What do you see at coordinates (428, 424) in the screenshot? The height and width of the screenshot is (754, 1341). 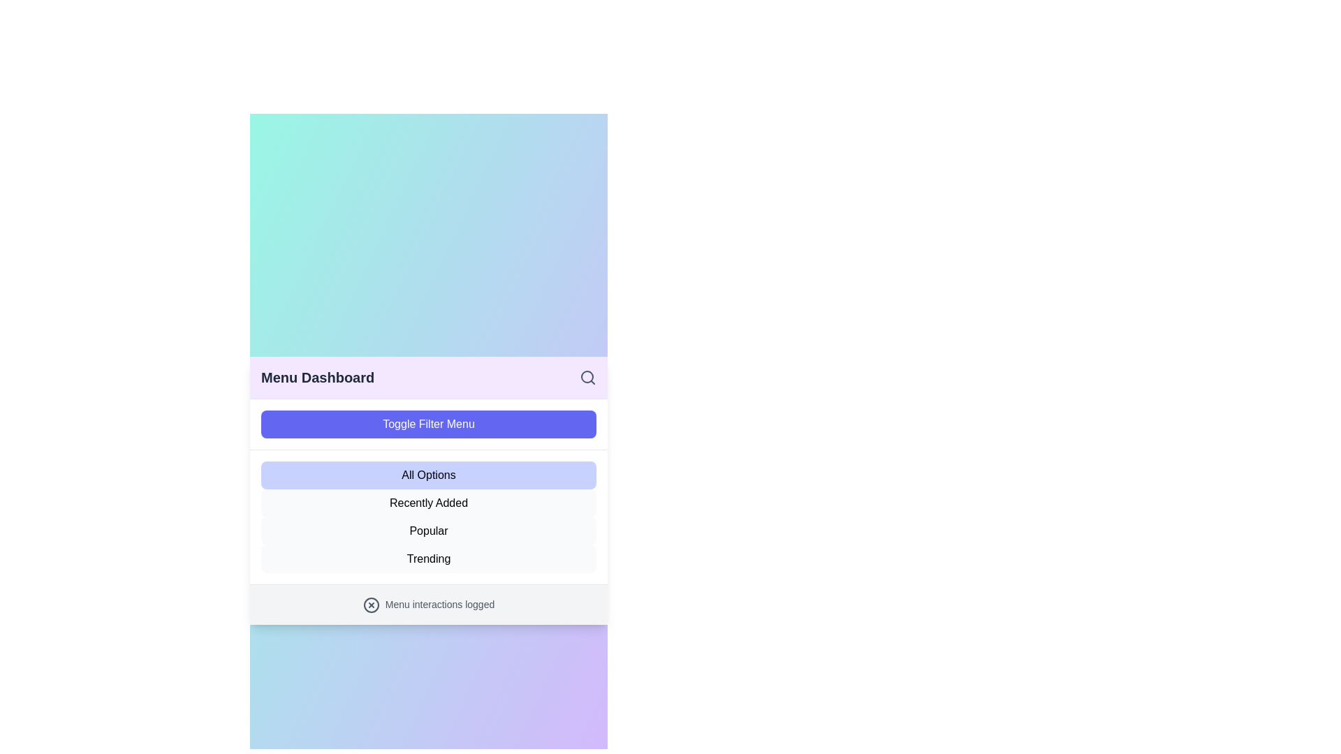 I see `the 'Toggle Filter Menu' button to toggle the visibility of the filter menu` at bounding box center [428, 424].